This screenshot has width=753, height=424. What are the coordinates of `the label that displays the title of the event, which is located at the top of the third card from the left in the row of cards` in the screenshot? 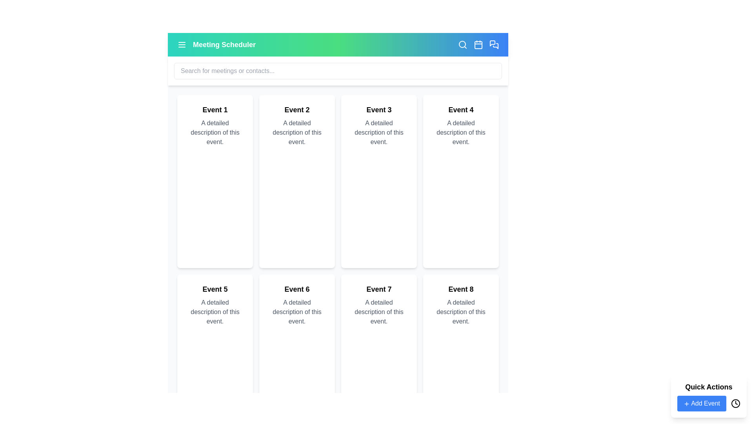 It's located at (379, 110).